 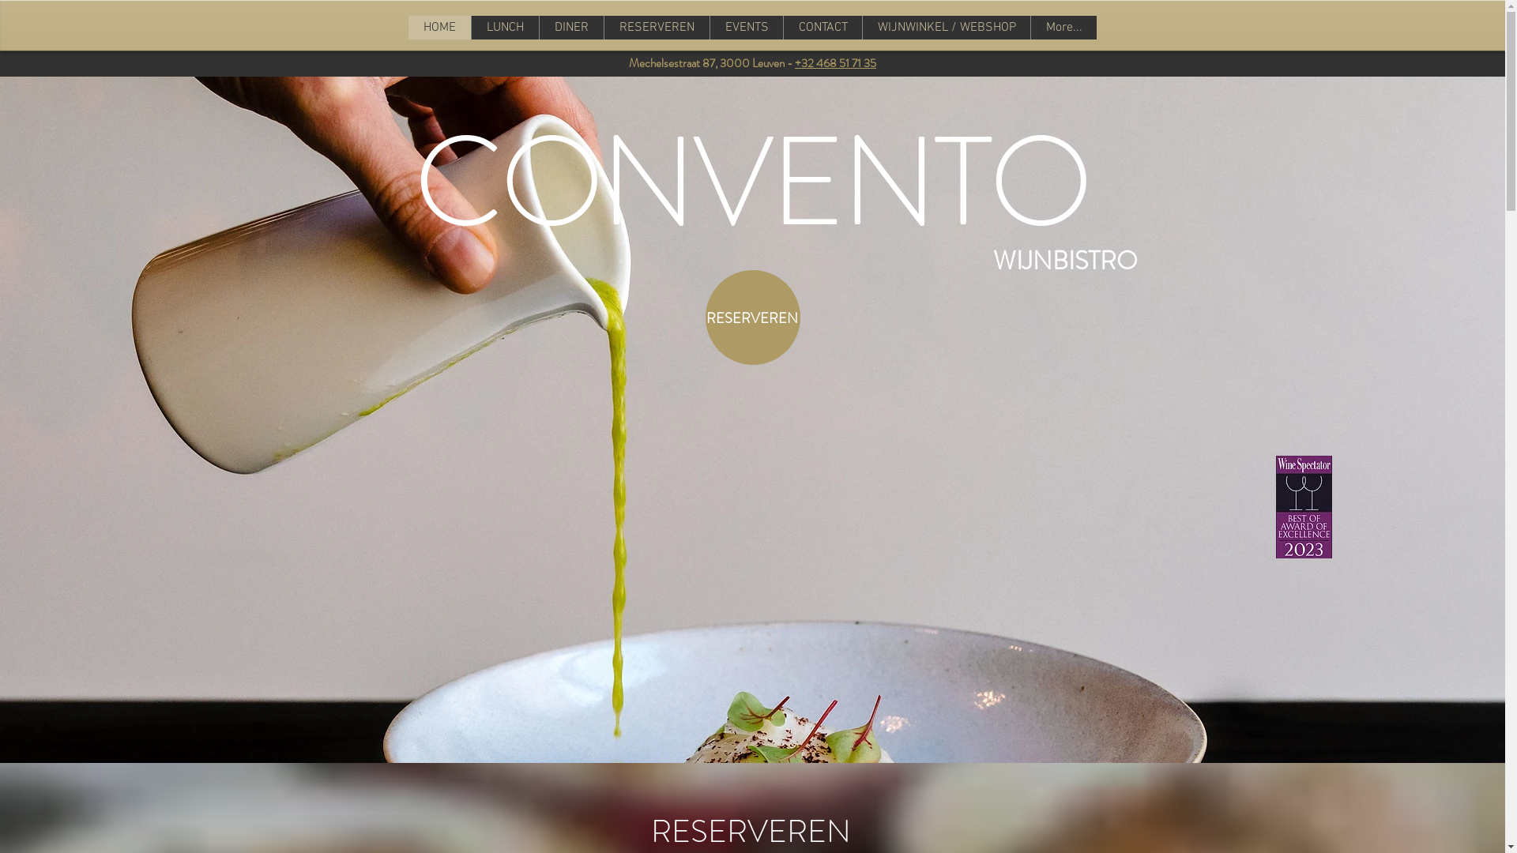 What do you see at coordinates (450, 27) in the screenshot?
I see `'HOME'` at bounding box center [450, 27].